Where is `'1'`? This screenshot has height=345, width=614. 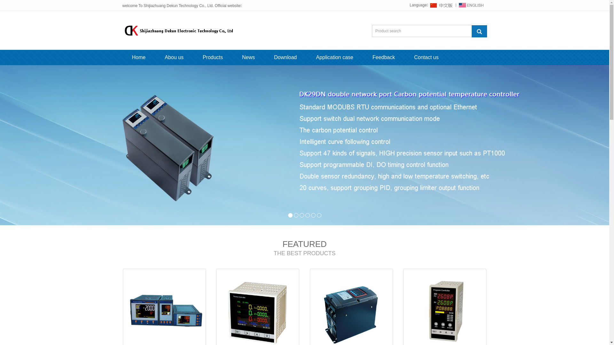 '1' is located at coordinates (290, 215).